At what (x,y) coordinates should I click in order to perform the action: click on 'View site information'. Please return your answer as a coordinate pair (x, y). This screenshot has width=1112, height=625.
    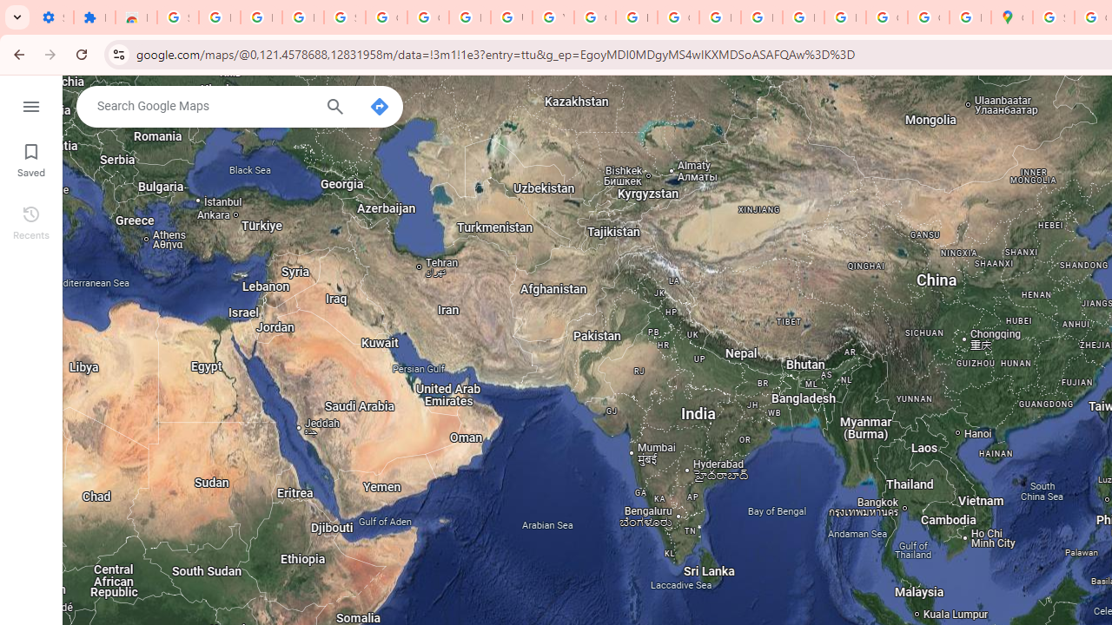
    Looking at the image, I should click on (117, 53).